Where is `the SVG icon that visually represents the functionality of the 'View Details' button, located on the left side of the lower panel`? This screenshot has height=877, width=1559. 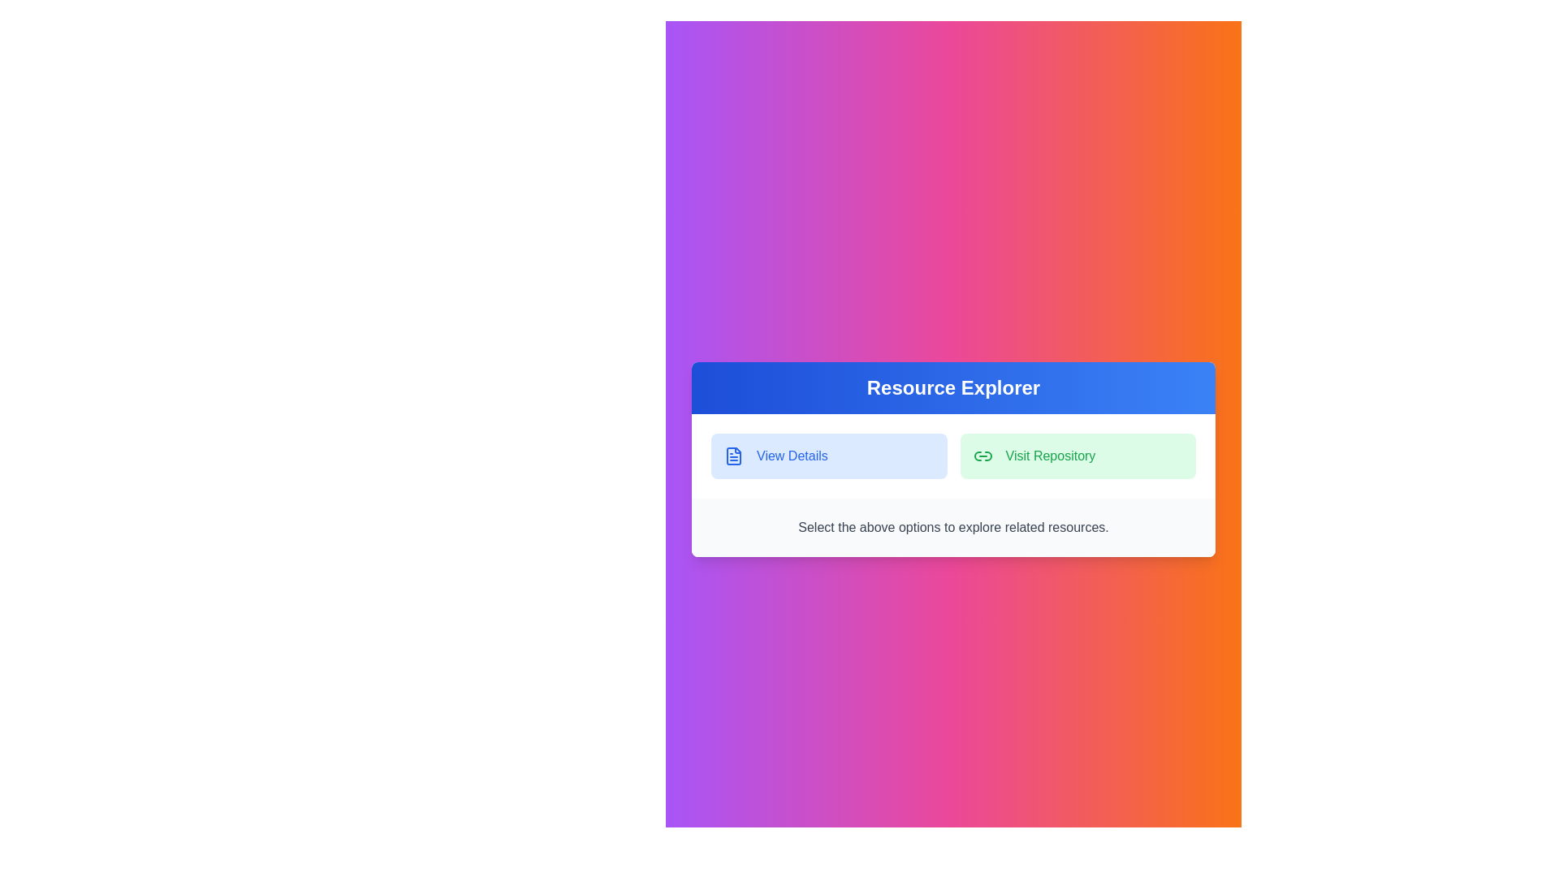
the SVG icon that visually represents the functionality of the 'View Details' button, located on the left side of the lower panel is located at coordinates (732, 456).